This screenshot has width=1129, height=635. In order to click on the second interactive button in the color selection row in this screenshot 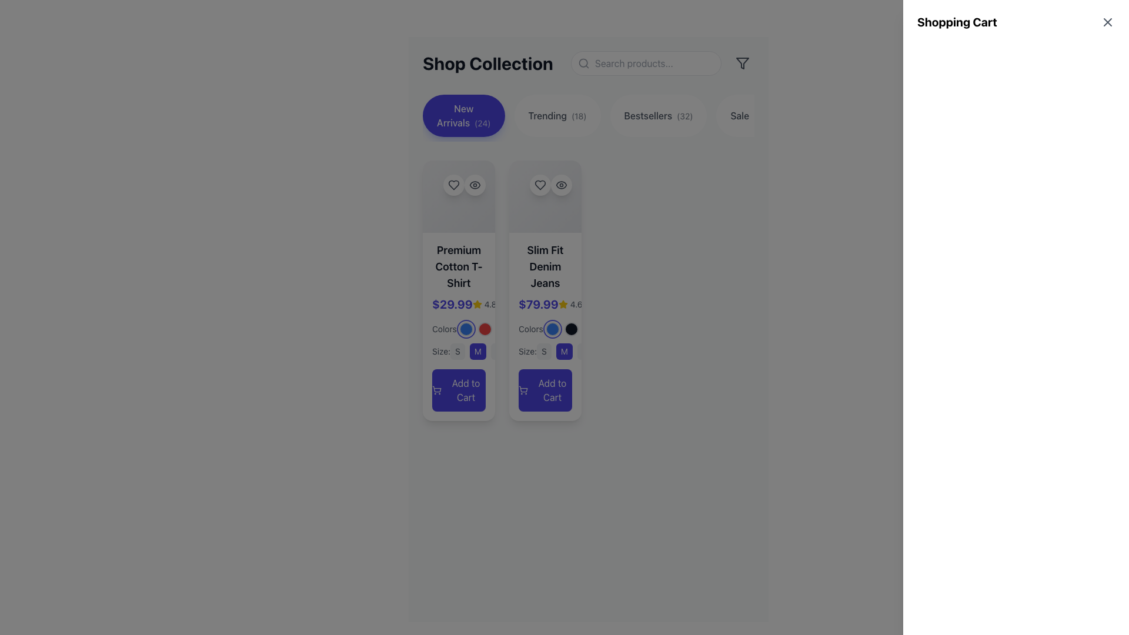, I will do `click(485, 329)`.